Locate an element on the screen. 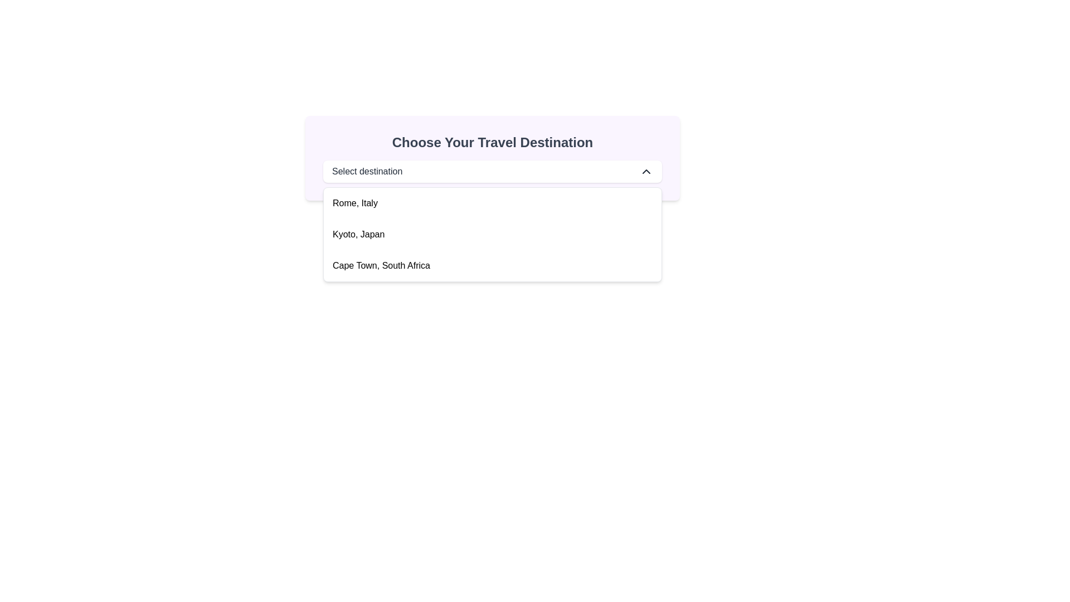 This screenshot has height=602, width=1070. the list item displaying 'Kyoto, Japan' in the dropdown menu is located at coordinates (492, 234).